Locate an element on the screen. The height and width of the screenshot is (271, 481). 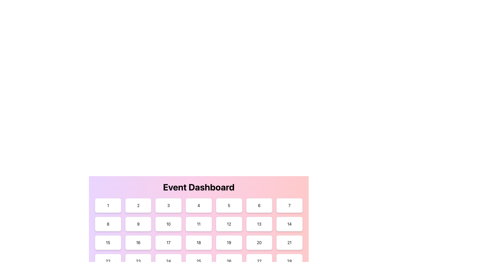
the button displaying the number '11' in the second row and fourth column of the grid under 'Event Dashboard' is located at coordinates (198, 224).